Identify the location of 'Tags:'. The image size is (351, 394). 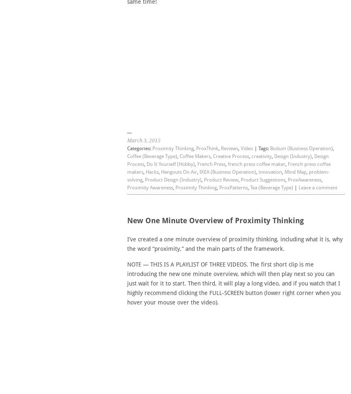
(264, 148).